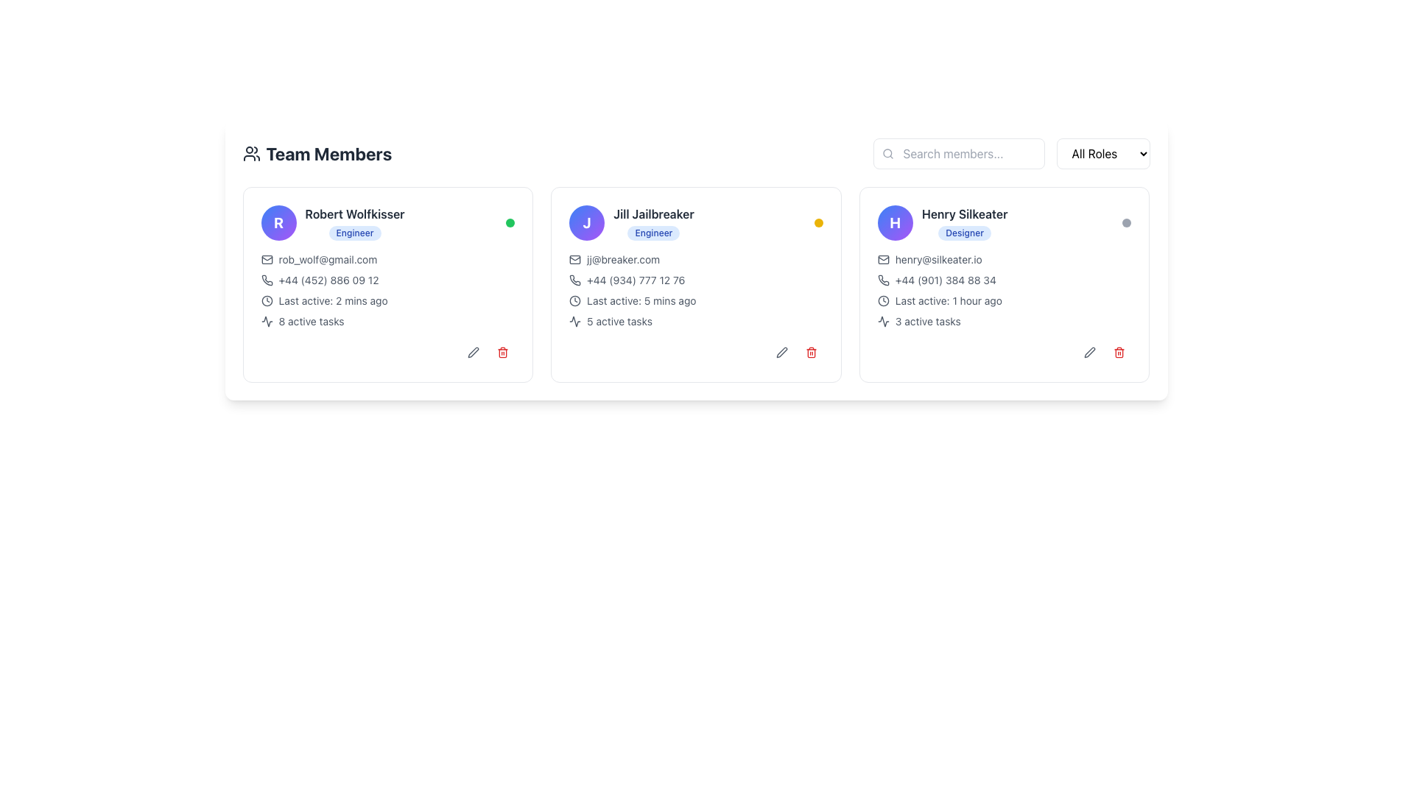 The width and height of the screenshot is (1414, 795). What do you see at coordinates (943, 223) in the screenshot?
I see `the profile information element of 'Henry Silkeater', which includes the avatar and descriptive text` at bounding box center [943, 223].